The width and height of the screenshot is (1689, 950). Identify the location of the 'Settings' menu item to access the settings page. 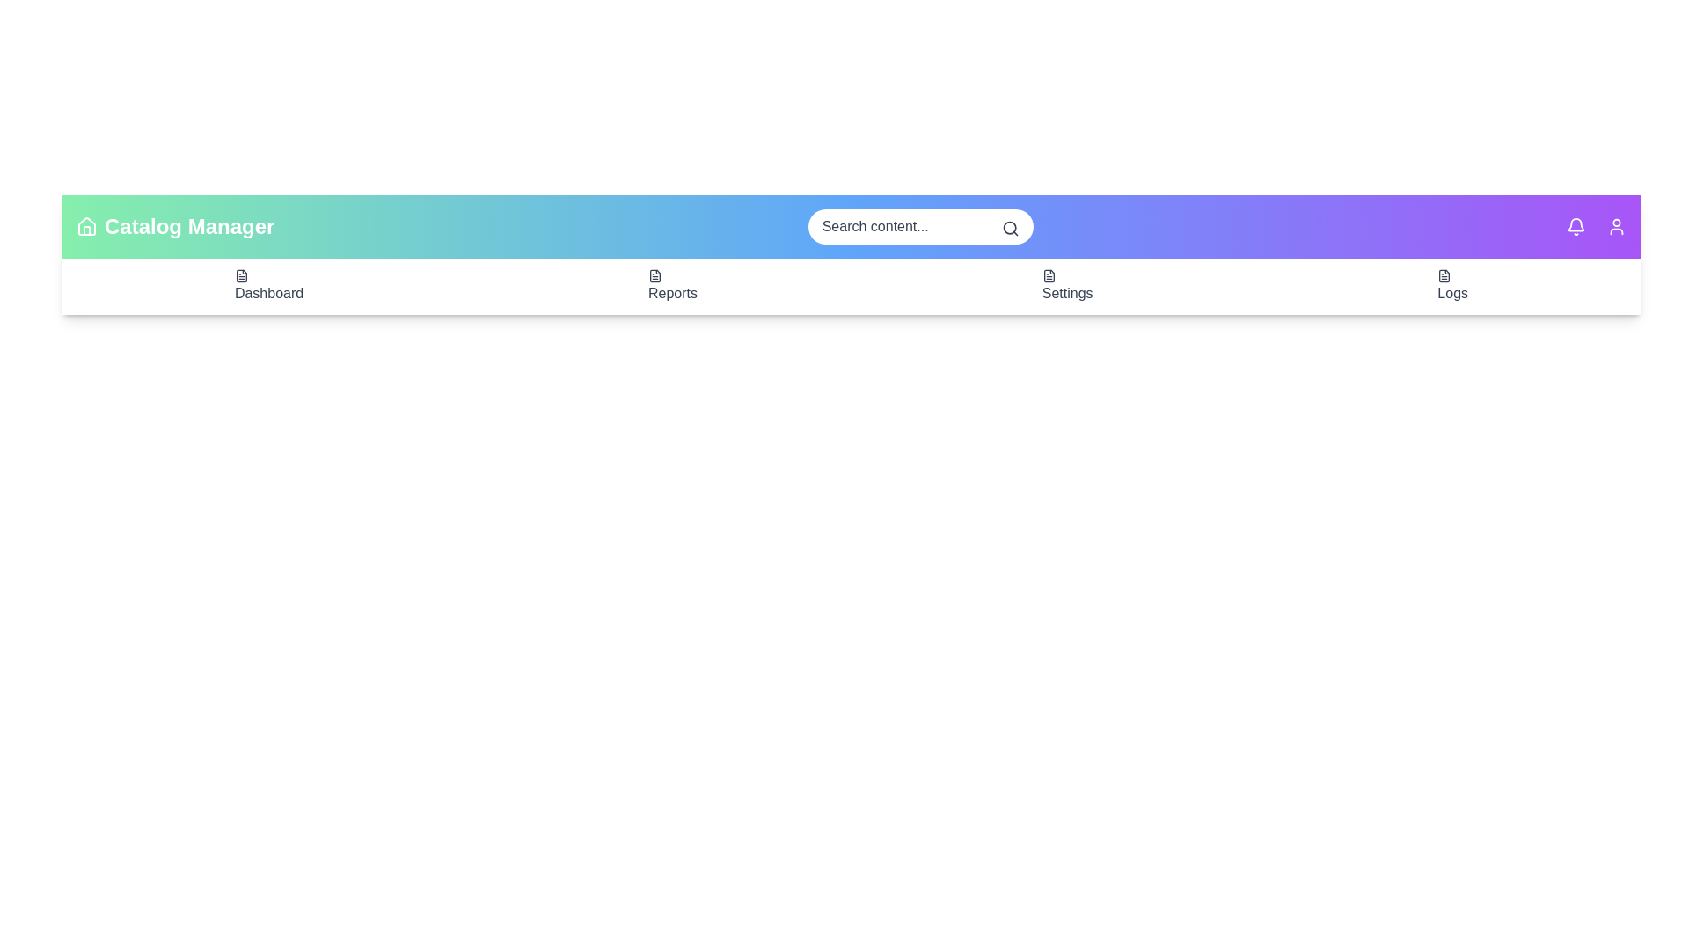
(1066, 286).